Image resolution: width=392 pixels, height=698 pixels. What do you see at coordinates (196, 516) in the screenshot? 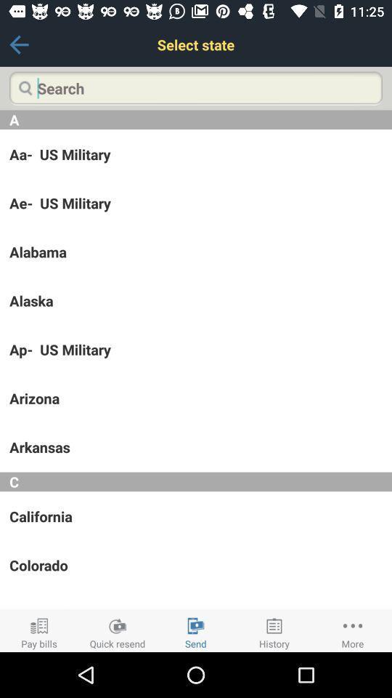
I see `the icon above the colorado icon` at bounding box center [196, 516].